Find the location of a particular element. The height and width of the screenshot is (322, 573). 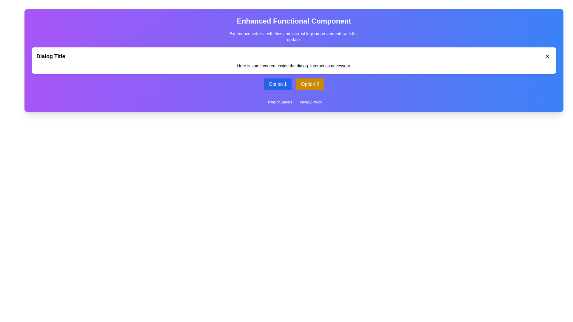

the 'Terms of Service' hyperlink located in the bottom center of the interface, to the left of the 'Privacy Policy' link is located at coordinates (279, 102).